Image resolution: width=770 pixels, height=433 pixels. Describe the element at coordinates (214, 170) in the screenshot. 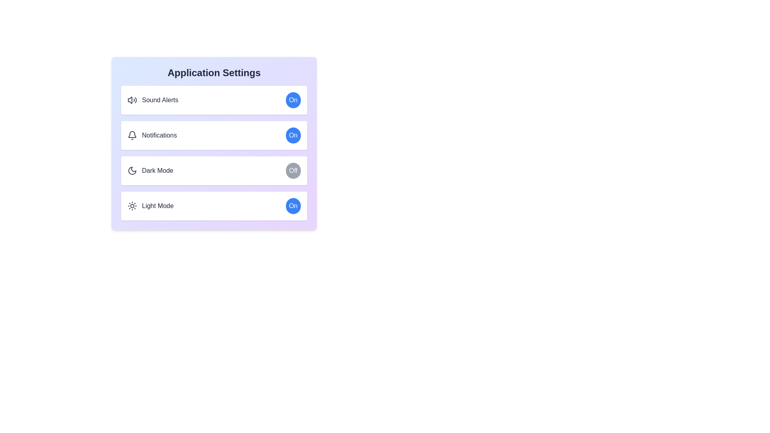

I see `the 'Dark Mode' toggle switch located under 'Application Settings' to change its state from 'Off' to 'On'` at that location.